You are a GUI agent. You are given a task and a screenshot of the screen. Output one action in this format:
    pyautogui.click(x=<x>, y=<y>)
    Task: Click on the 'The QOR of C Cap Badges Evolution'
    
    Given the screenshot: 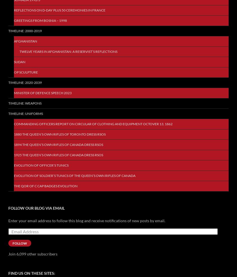 What is the action you would take?
    pyautogui.click(x=45, y=186)
    